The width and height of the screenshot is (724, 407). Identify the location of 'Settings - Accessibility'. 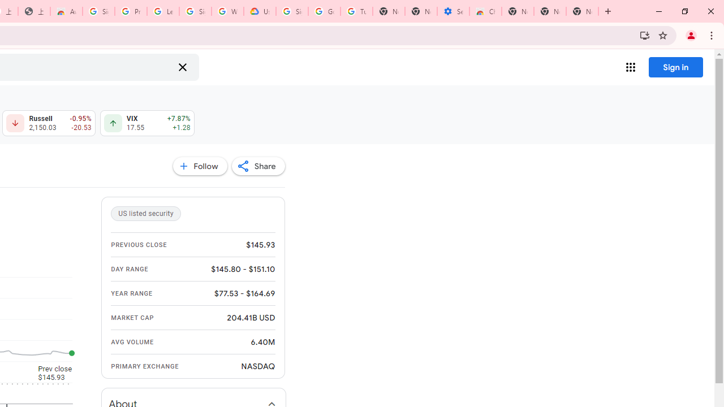
(453, 11).